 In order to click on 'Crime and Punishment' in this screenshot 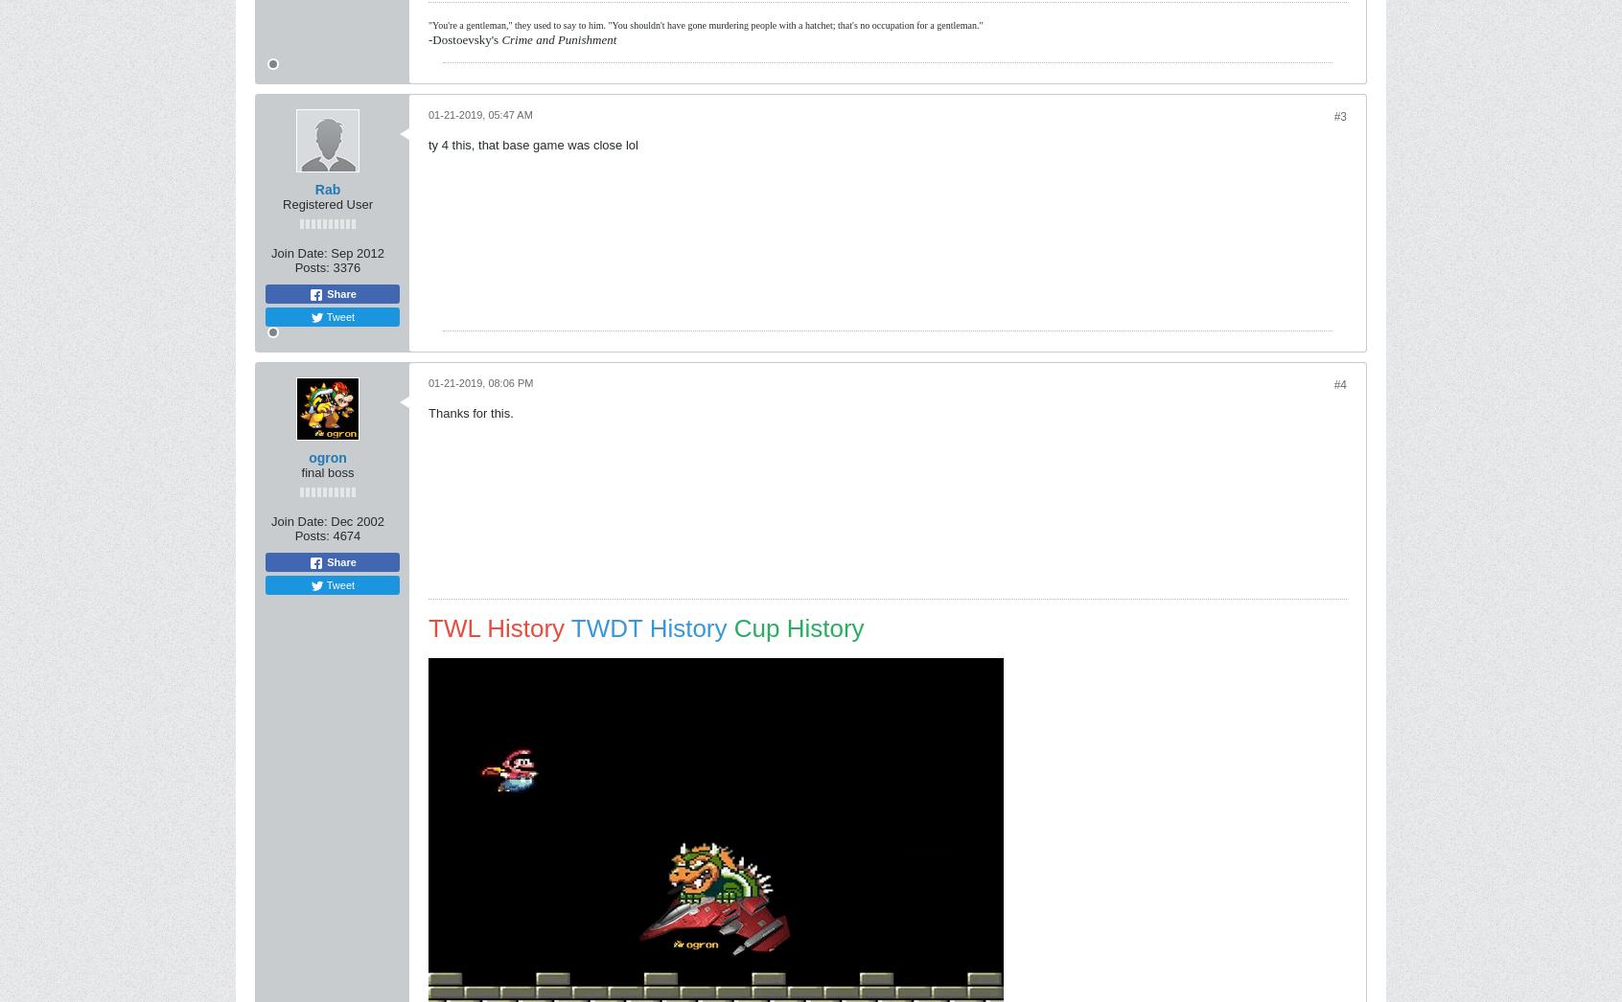, I will do `click(558, 38)`.